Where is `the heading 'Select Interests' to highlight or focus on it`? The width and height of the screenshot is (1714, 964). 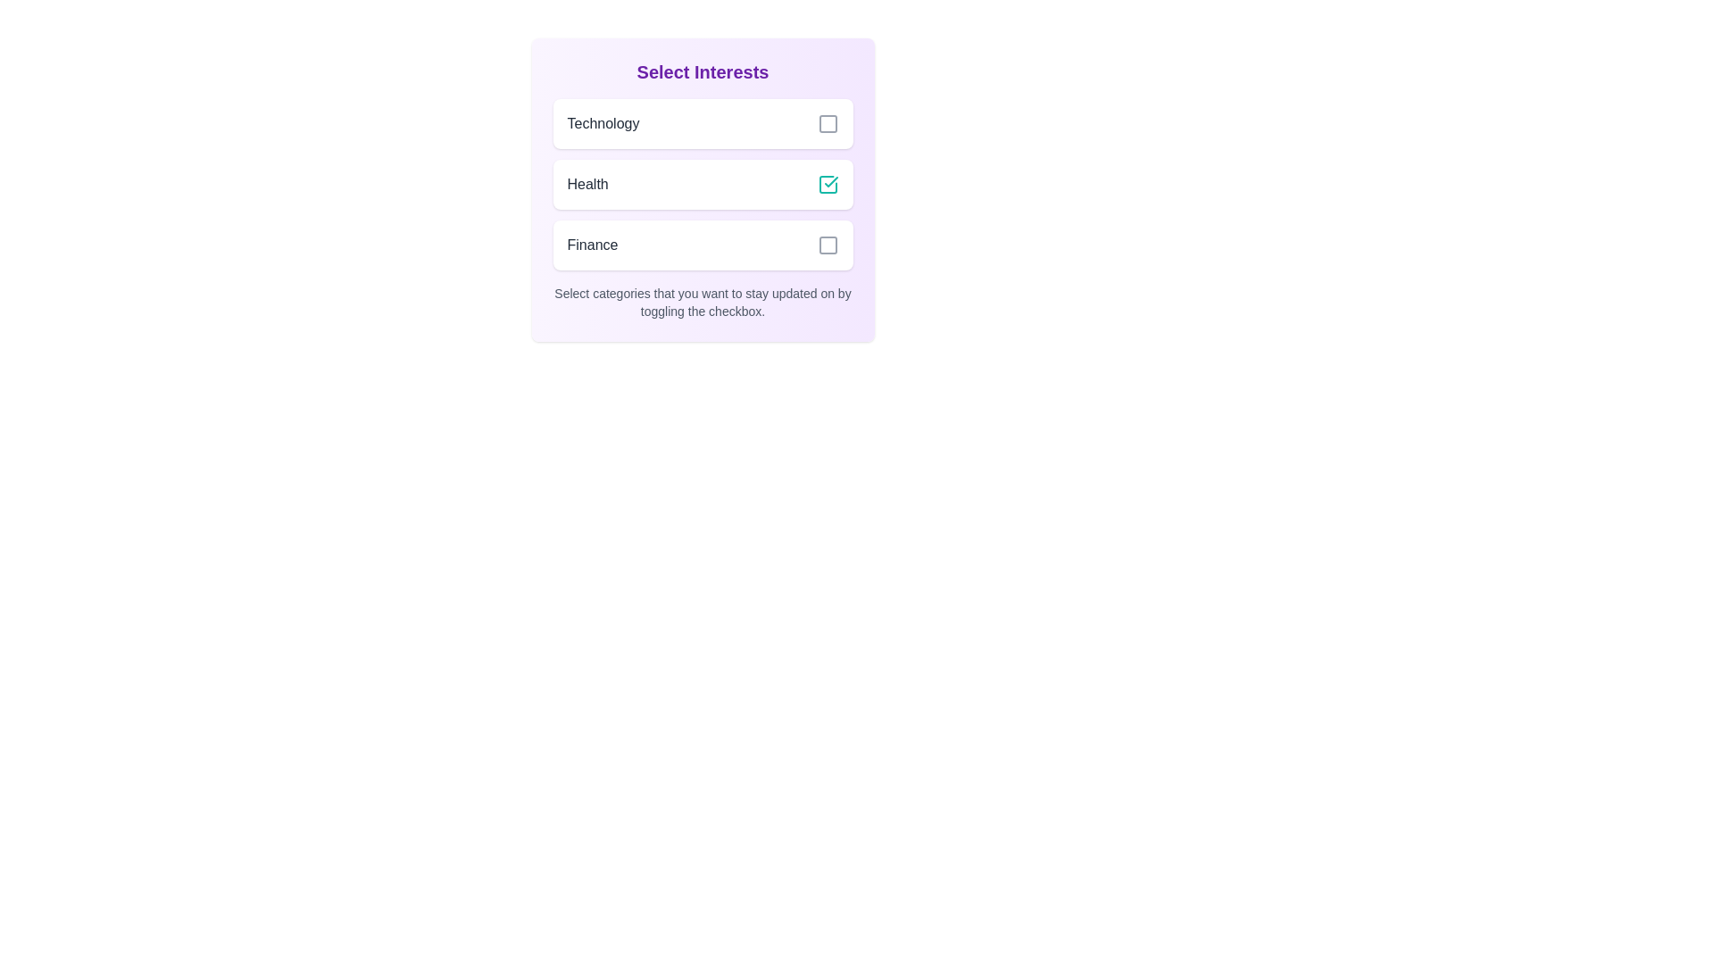 the heading 'Select Interests' to highlight or focus on it is located at coordinates (702, 71).